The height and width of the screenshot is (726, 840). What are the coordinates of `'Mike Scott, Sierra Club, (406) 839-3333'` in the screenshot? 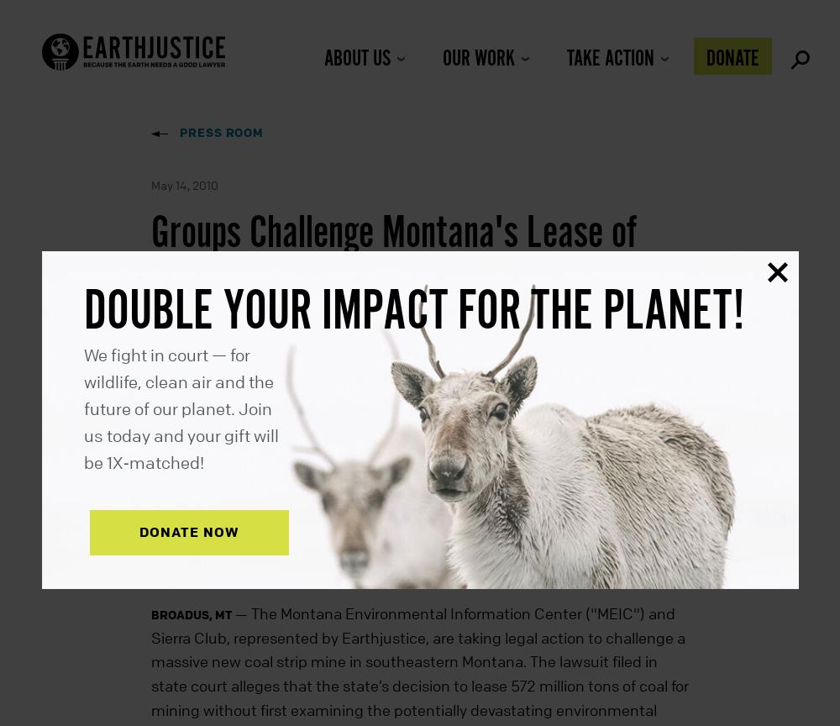 It's located at (281, 544).